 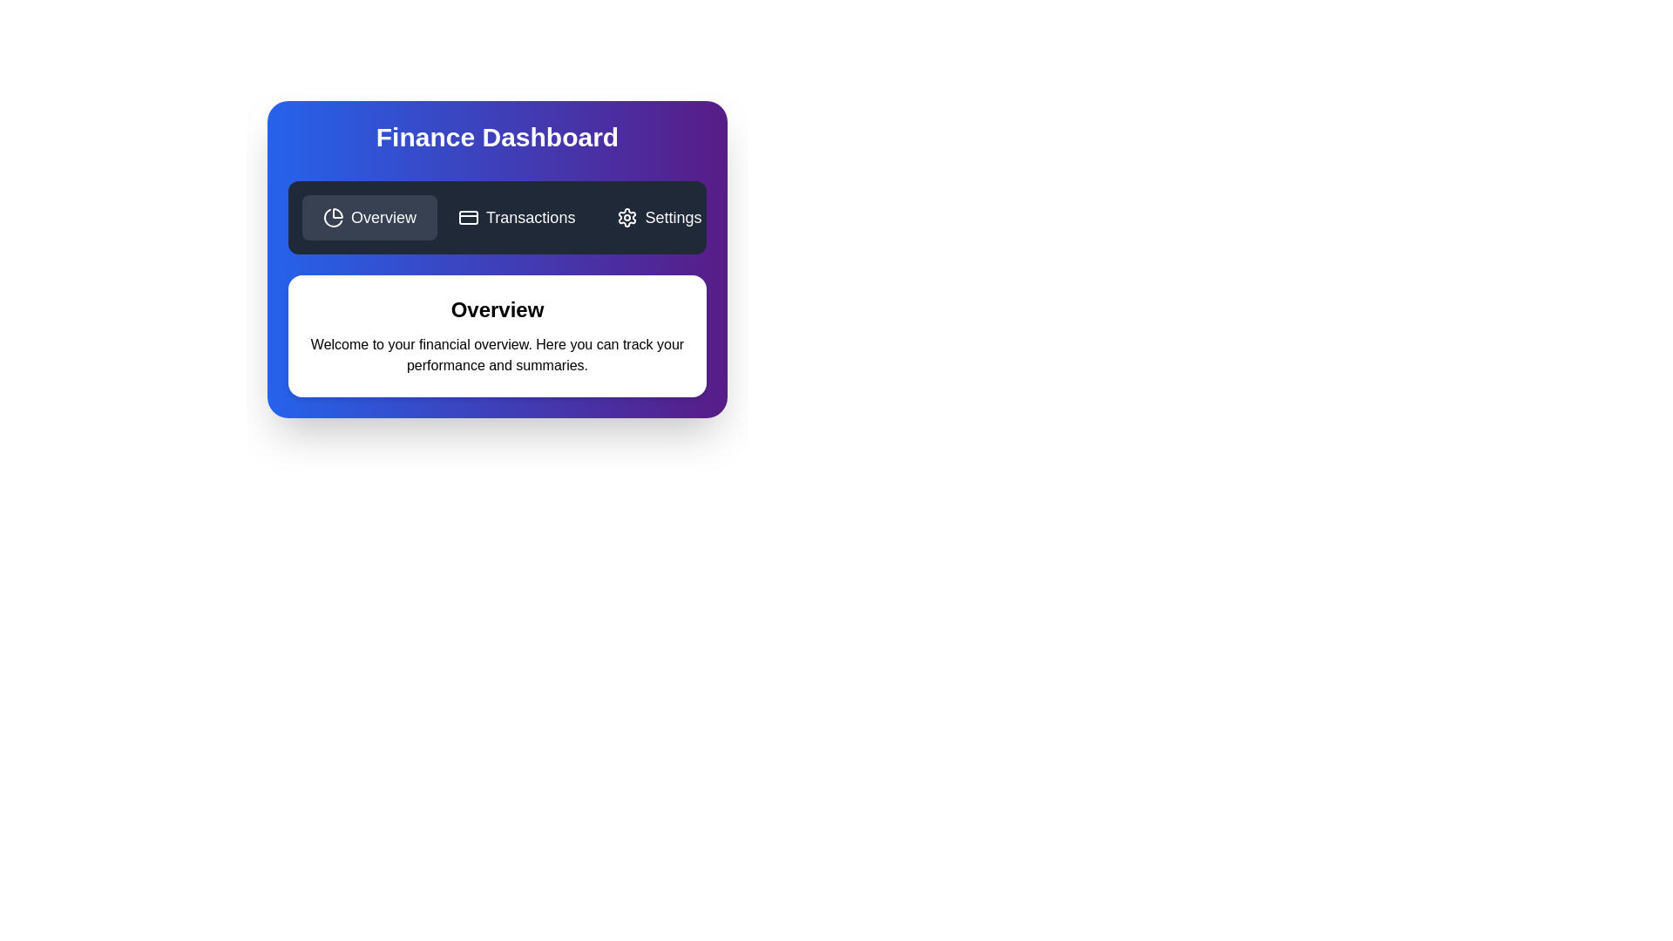 What do you see at coordinates (497, 335) in the screenshot?
I see `the text content block labeled 'Overview', which contains a description about financial performance and summaries, positioned centrally beneath the 'Finance Dashboard' header` at bounding box center [497, 335].